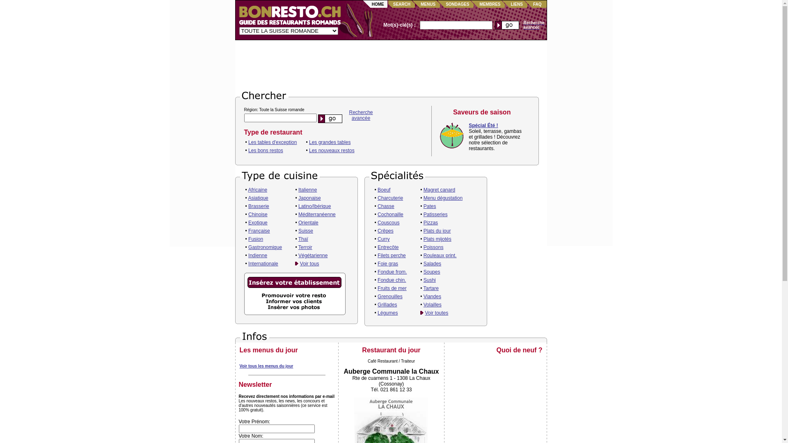 The width and height of the screenshot is (788, 443). What do you see at coordinates (272, 142) in the screenshot?
I see `'Les tables d'exception'` at bounding box center [272, 142].